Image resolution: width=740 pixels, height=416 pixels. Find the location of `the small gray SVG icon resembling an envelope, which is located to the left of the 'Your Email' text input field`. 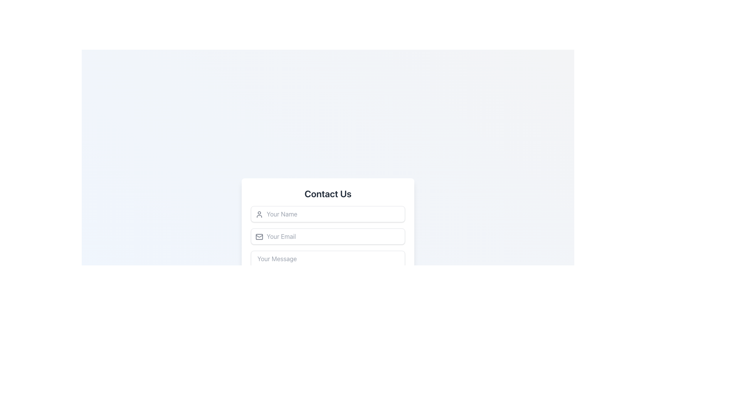

the small gray SVG icon resembling an envelope, which is located to the left of the 'Your Email' text input field is located at coordinates (259, 236).